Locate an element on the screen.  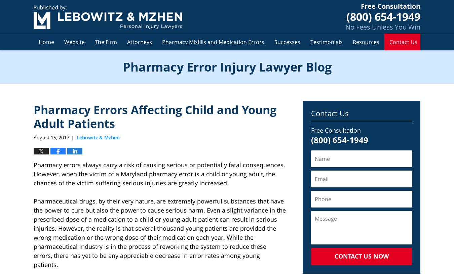
'Pharmacy Misfills and Medication Errors' is located at coordinates (161, 41).